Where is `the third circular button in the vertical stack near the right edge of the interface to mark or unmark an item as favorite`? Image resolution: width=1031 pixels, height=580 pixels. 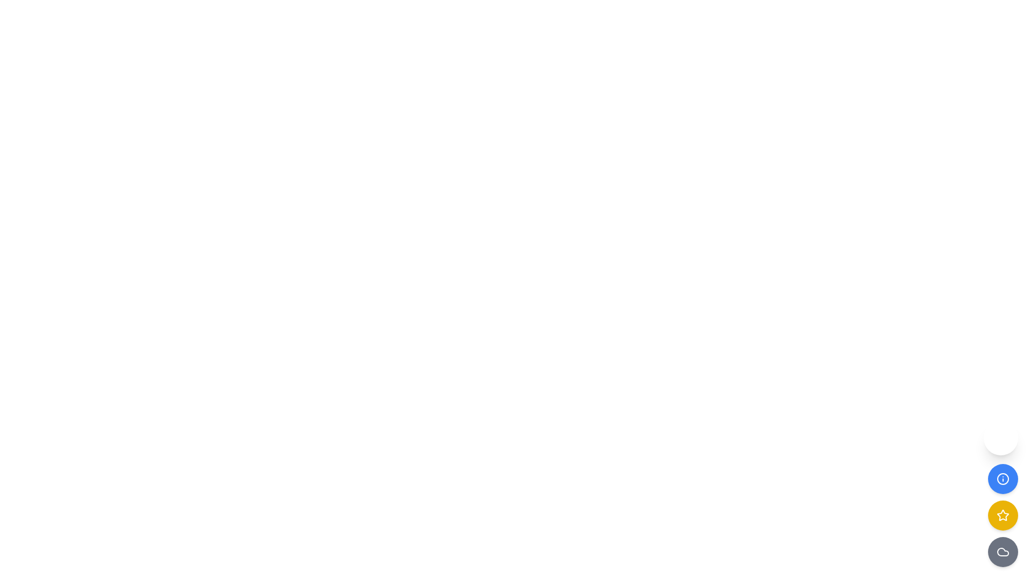 the third circular button in the vertical stack near the right edge of the interface to mark or unmark an item as favorite is located at coordinates (1002, 515).